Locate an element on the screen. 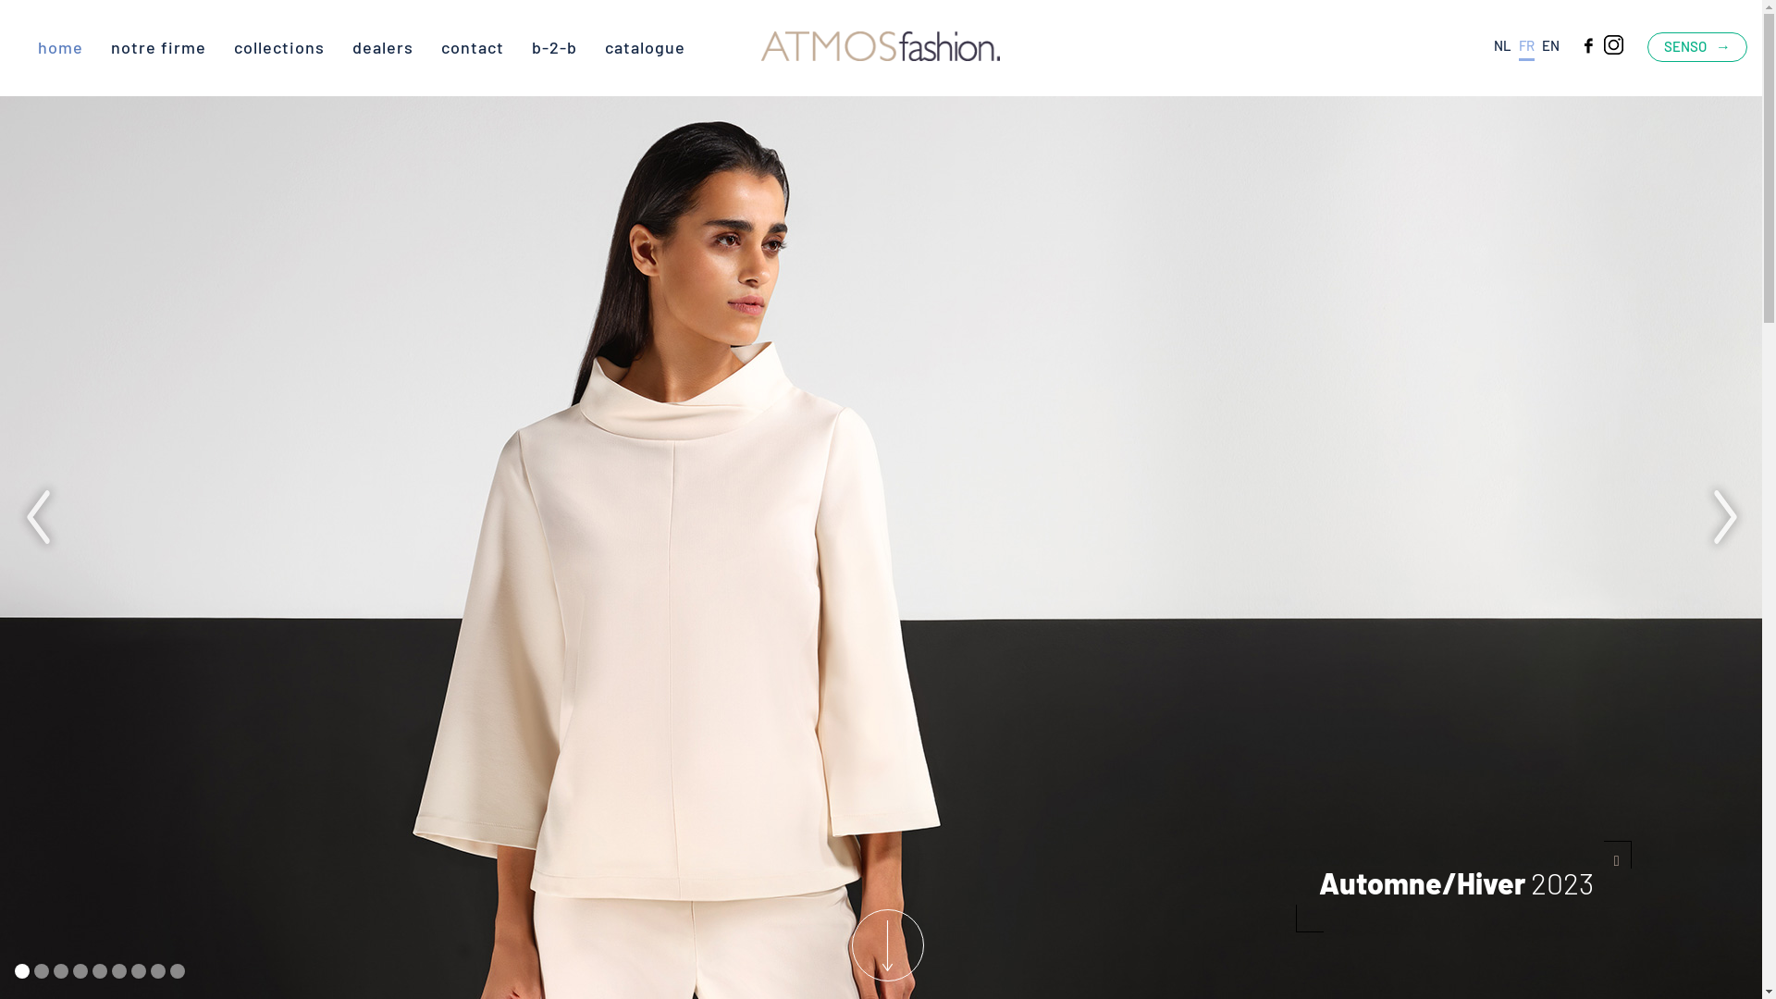 The width and height of the screenshot is (1776, 999). 'contact' is located at coordinates (439, 45).